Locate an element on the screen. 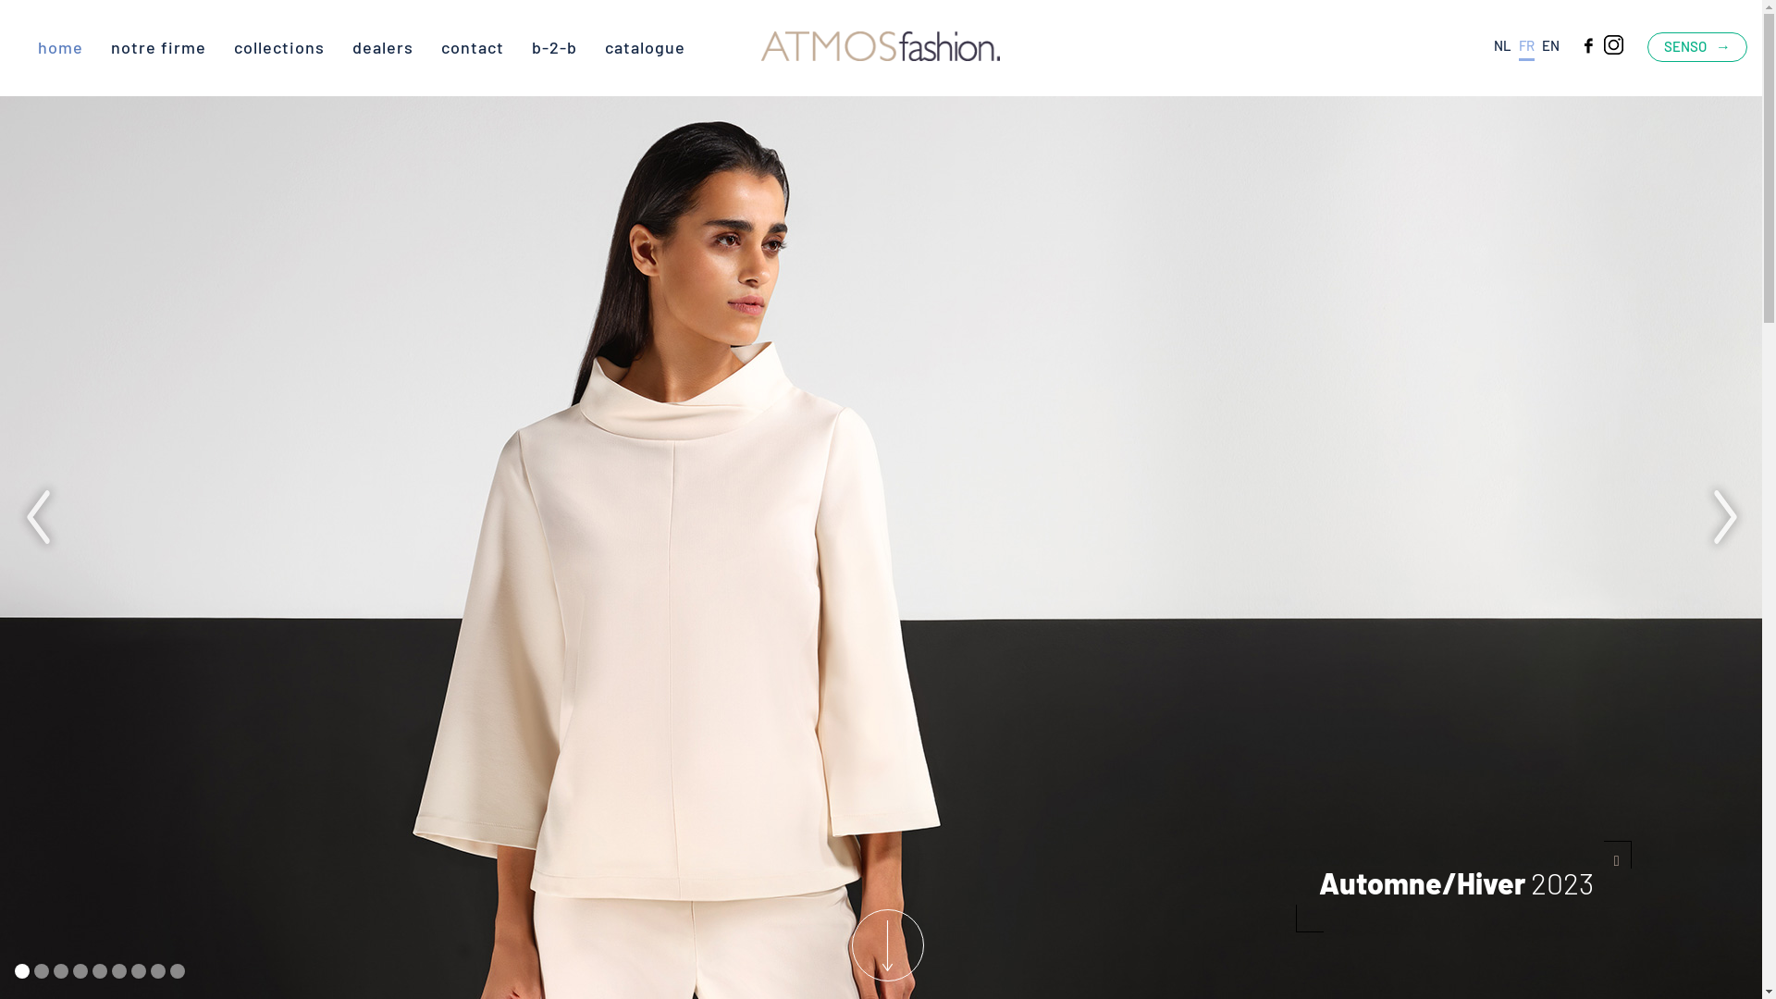 The width and height of the screenshot is (1776, 999). 'contact' is located at coordinates (439, 45).